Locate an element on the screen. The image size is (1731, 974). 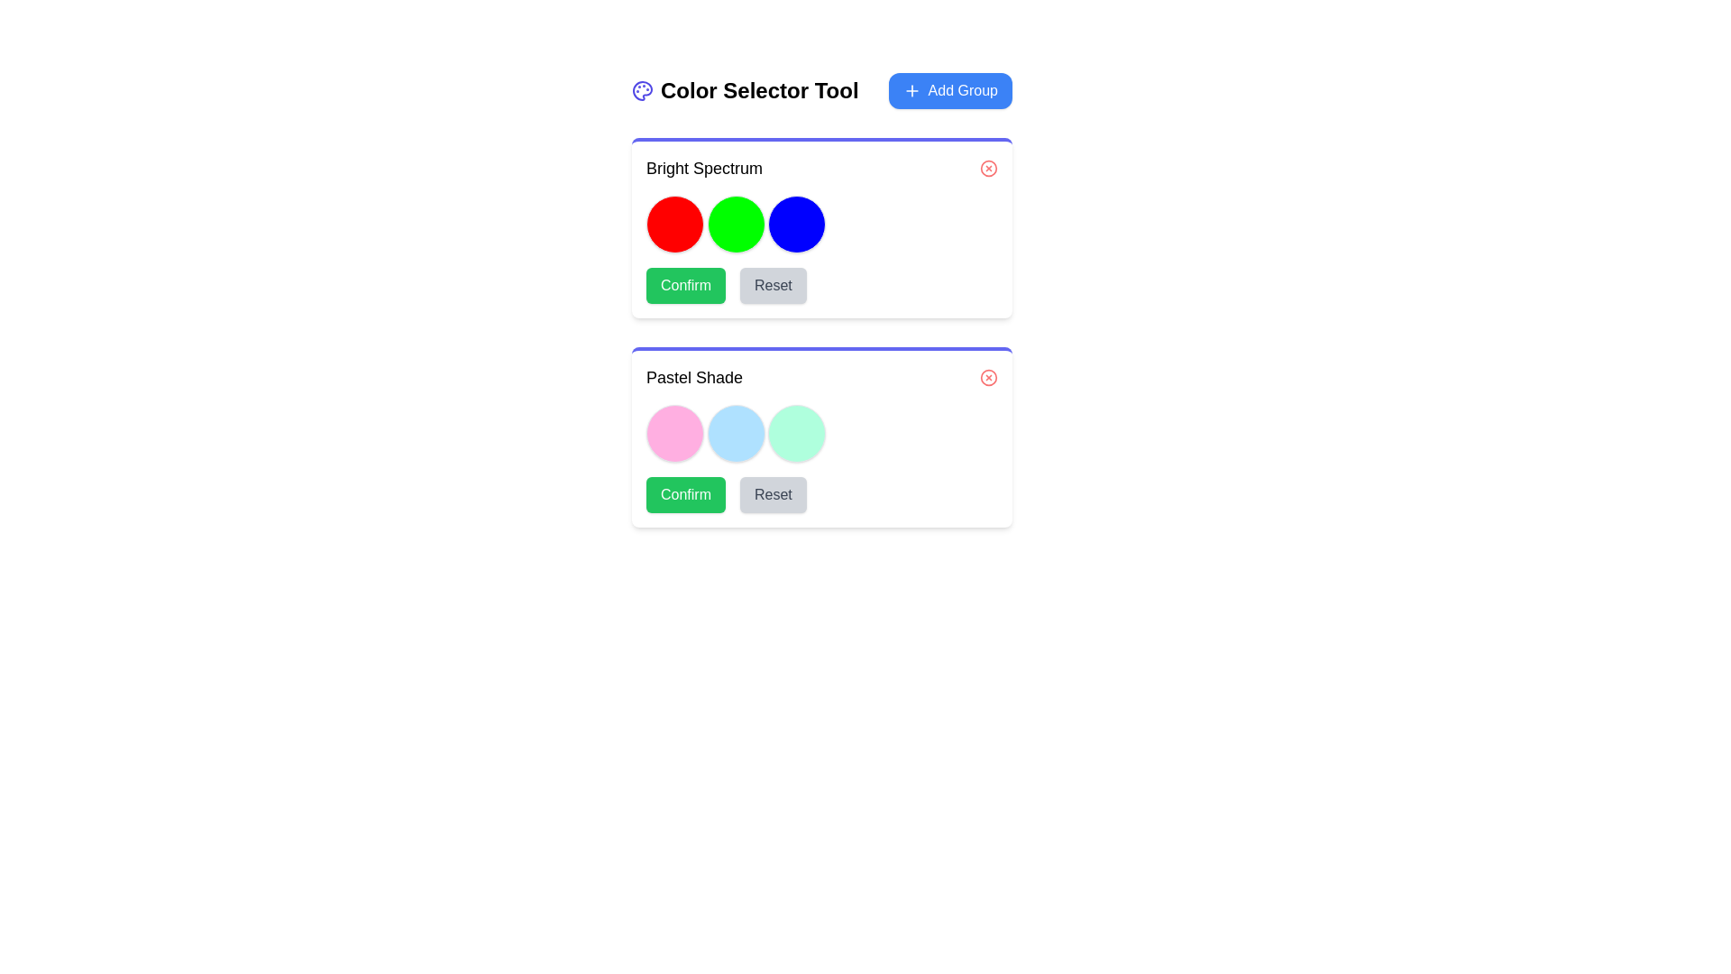
the second pastel blue color selector circle in the 'Pastel Shade' group is located at coordinates (736, 434).